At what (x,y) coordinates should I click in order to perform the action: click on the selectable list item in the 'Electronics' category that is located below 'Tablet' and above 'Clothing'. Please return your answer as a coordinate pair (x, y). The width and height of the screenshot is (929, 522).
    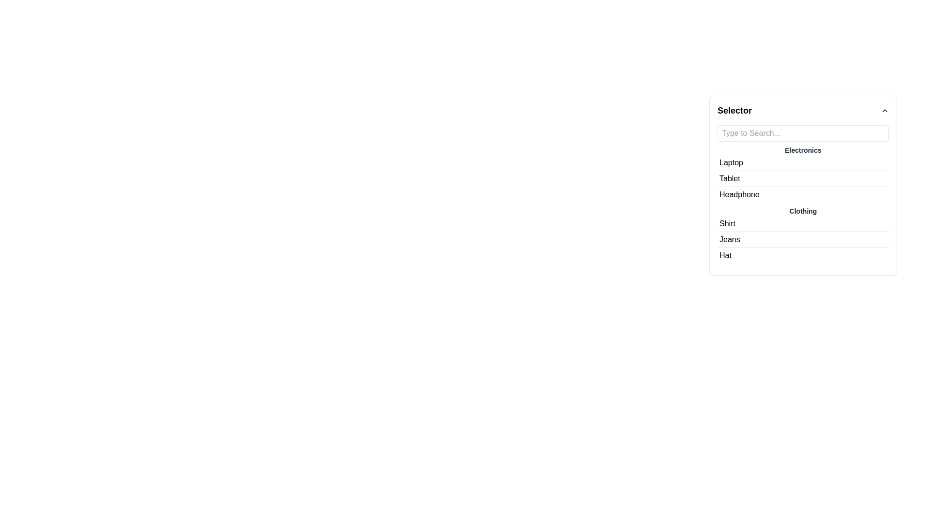
    Looking at the image, I should click on (803, 194).